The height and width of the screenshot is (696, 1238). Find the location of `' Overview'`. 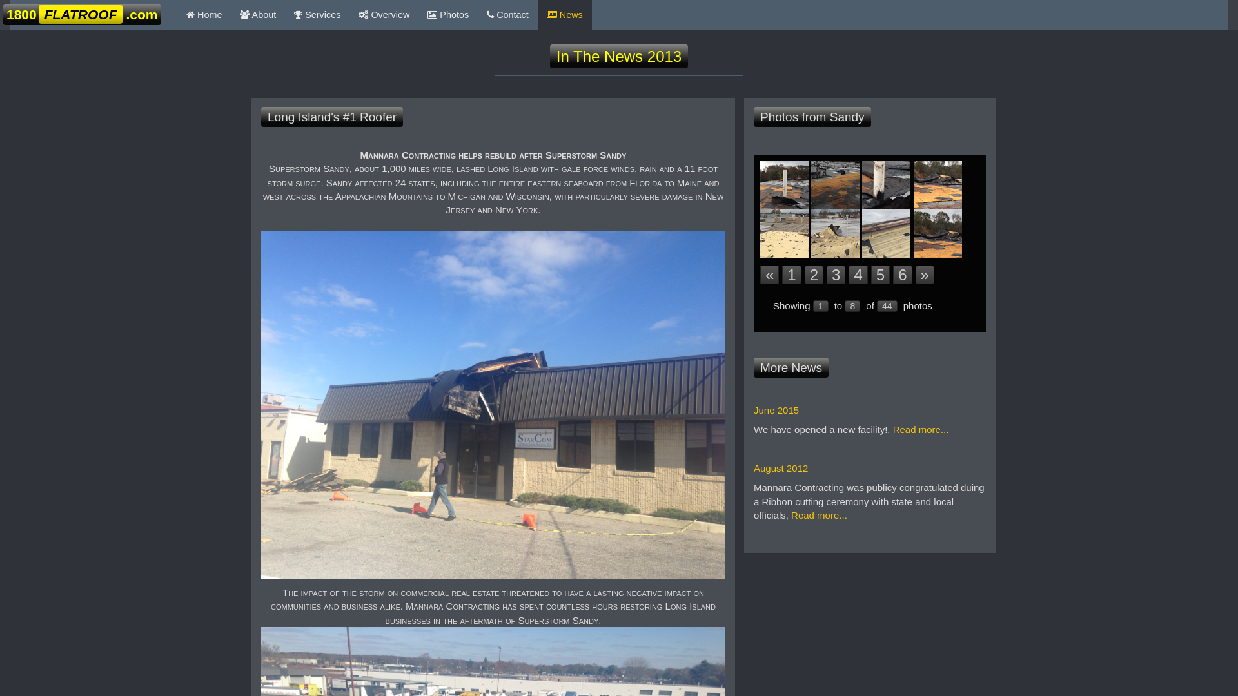

' Overview' is located at coordinates (383, 15).